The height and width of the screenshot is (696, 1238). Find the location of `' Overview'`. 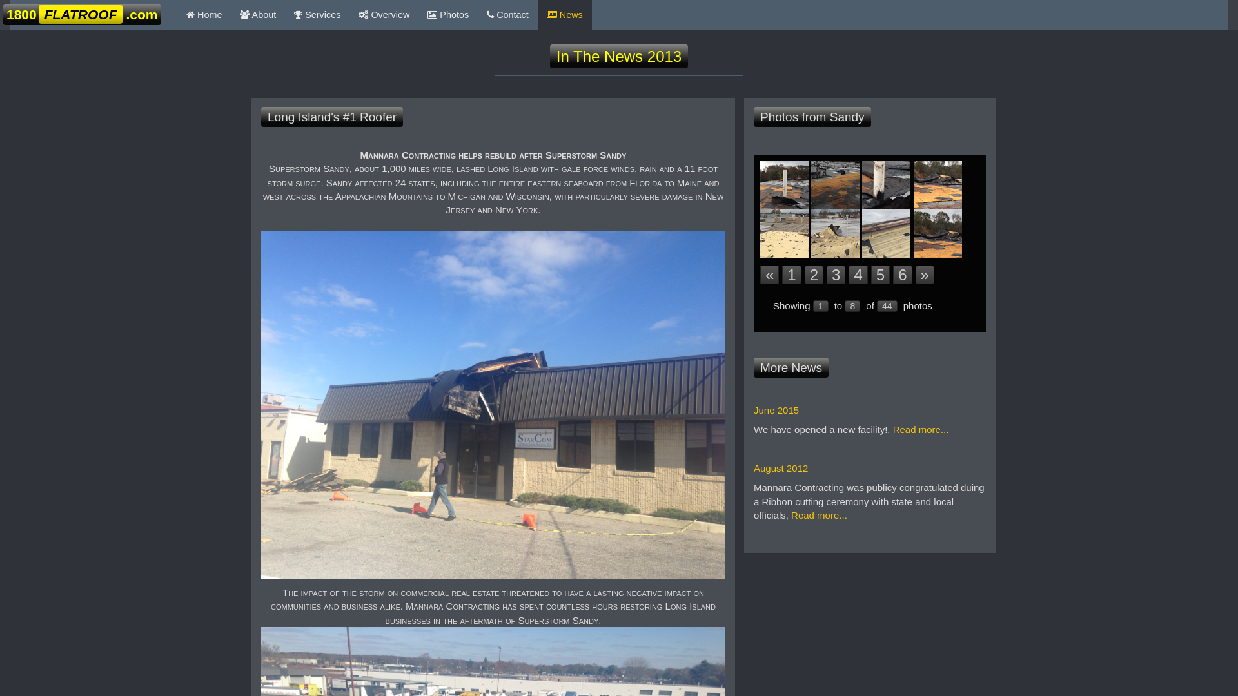

' Overview' is located at coordinates (383, 15).